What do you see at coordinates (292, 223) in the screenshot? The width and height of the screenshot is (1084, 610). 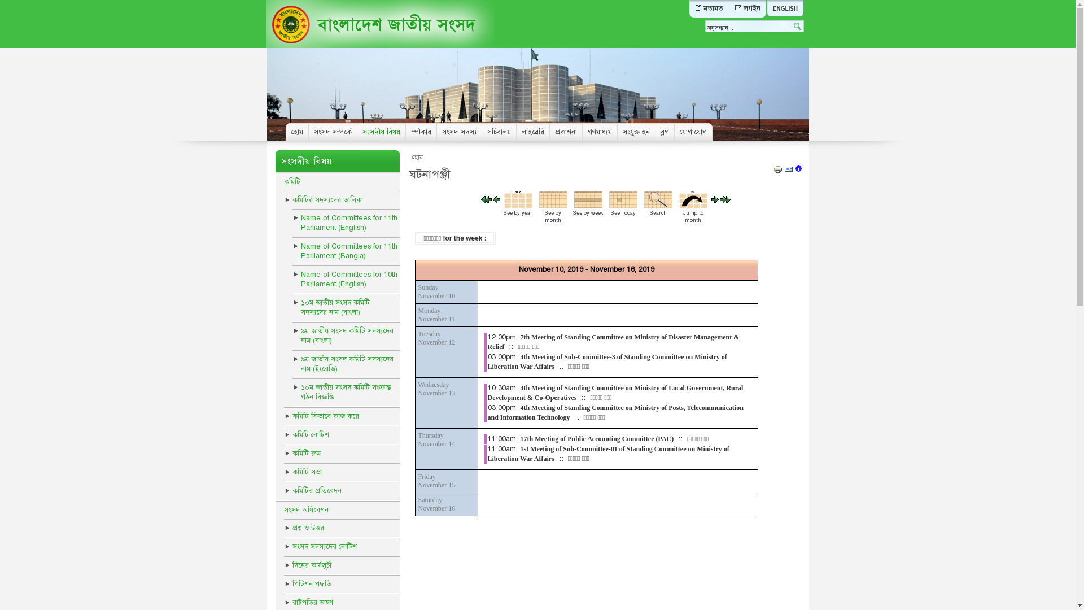 I see `'Name of Committees for 11th Parliament (English)'` at bounding box center [292, 223].